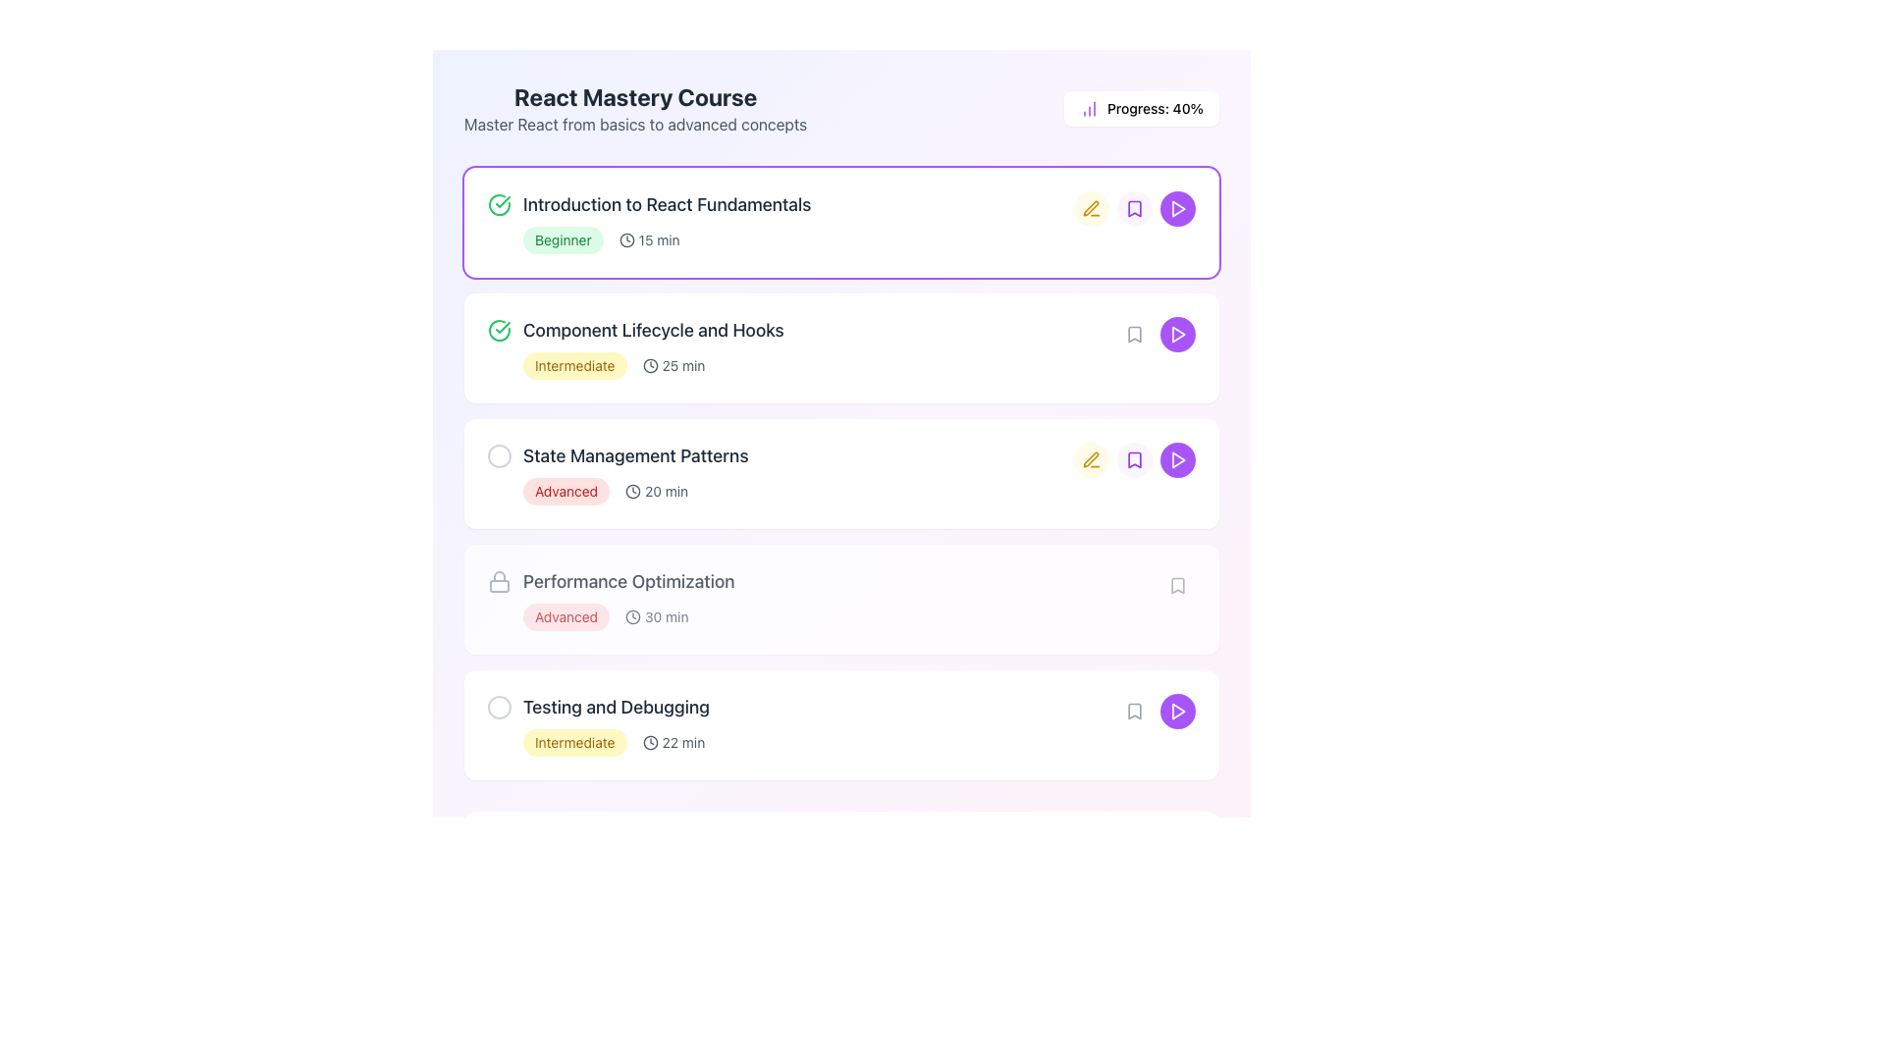 The height and width of the screenshot is (1060, 1885). Describe the element at coordinates (565, 491) in the screenshot. I see `the 'Advanced' Label badge which indicates the difficulty level of the section in the course modules list` at that location.